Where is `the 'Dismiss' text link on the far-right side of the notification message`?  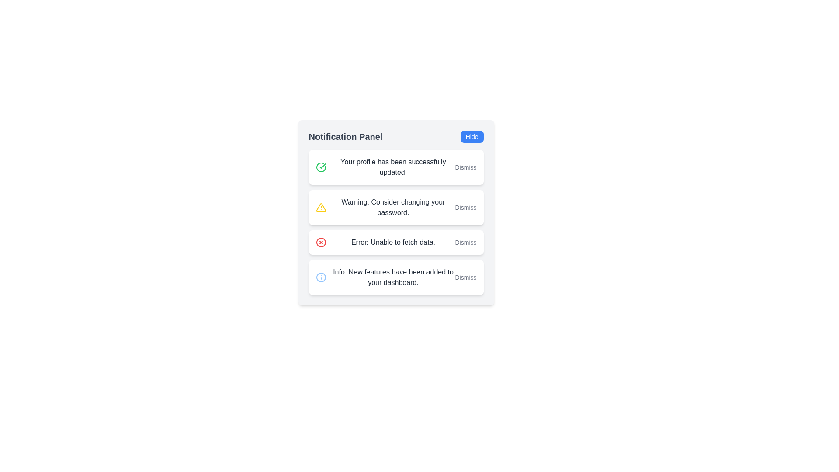 the 'Dismiss' text link on the far-right side of the notification message is located at coordinates (465, 167).